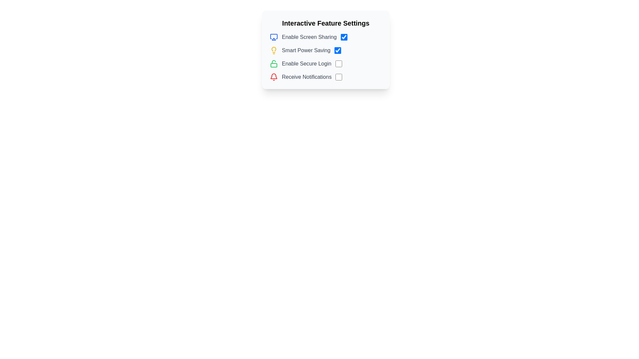 This screenshot has width=639, height=359. Describe the element at coordinates (306, 50) in the screenshot. I see `text label that displays 'Smart Power Saving', which is styled in gray font and positioned between a yellow lightbulb icon and a checkbox in the settings group` at that location.